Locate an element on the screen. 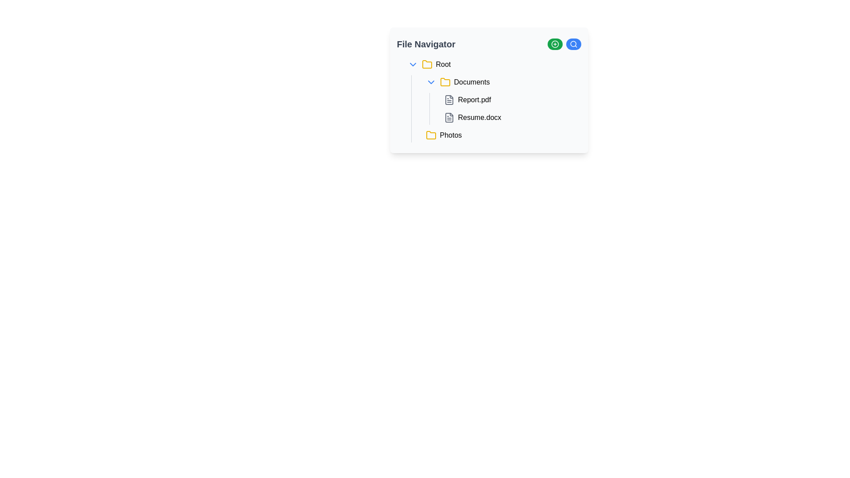 The image size is (850, 478). the downward chevron icon located next to the 'Documents' text in the file navigation UI is located at coordinates (431, 82).